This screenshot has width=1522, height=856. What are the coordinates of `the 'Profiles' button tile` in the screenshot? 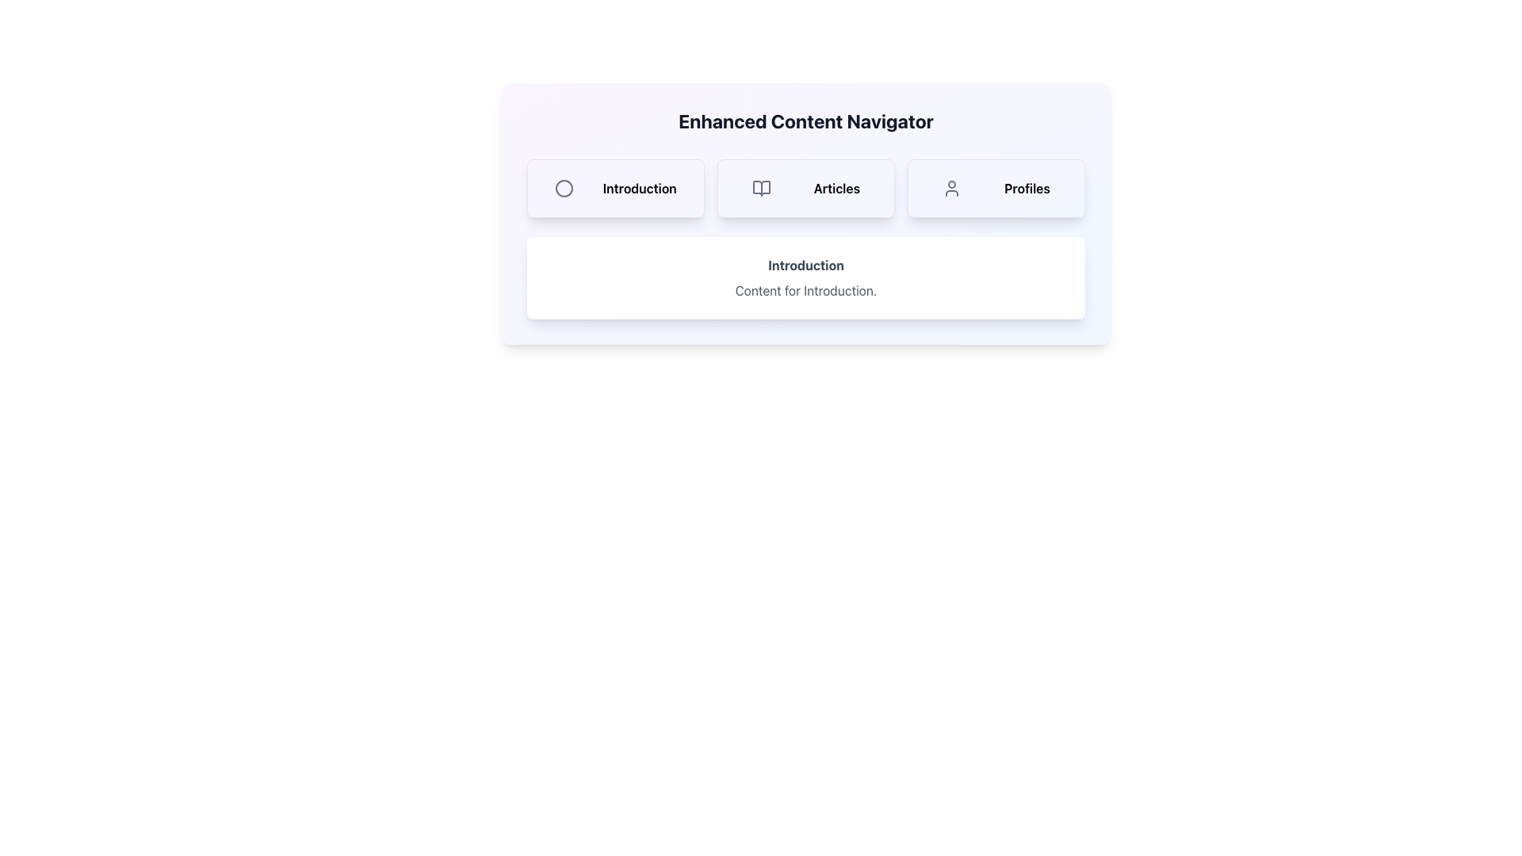 It's located at (996, 188).